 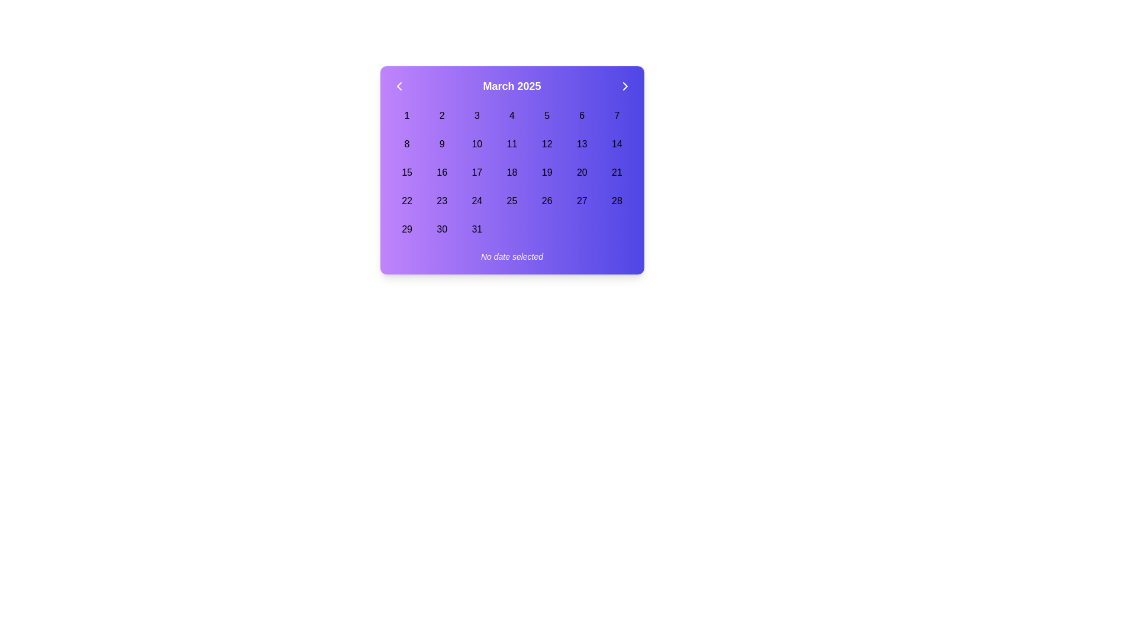 What do you see at coordinates (512, 173) in the screenshot?
I see `the circular button labeled '18' located in the seventh position of the third row in a seven-column grid of the March 2025 calendar interface` at bounding box center [512, 173].